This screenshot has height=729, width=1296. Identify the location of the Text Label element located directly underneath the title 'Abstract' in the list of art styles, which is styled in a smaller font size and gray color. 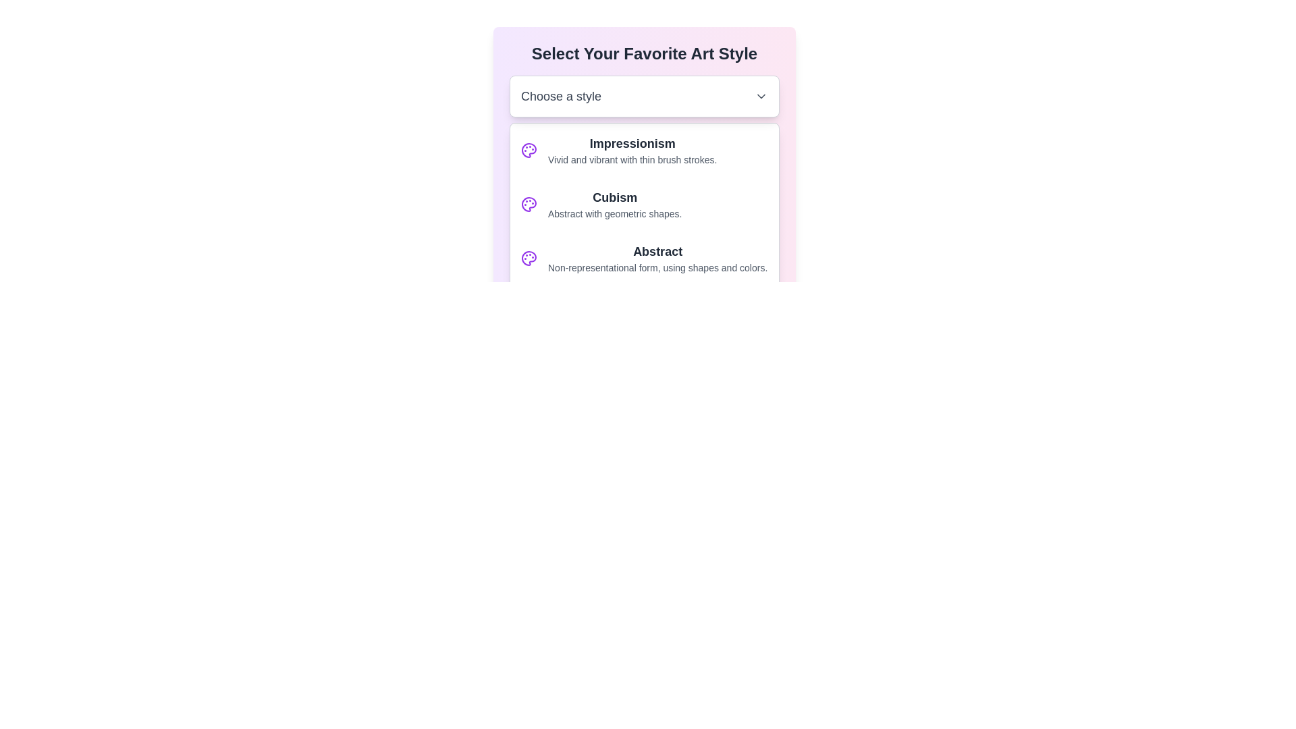
(657, 268).